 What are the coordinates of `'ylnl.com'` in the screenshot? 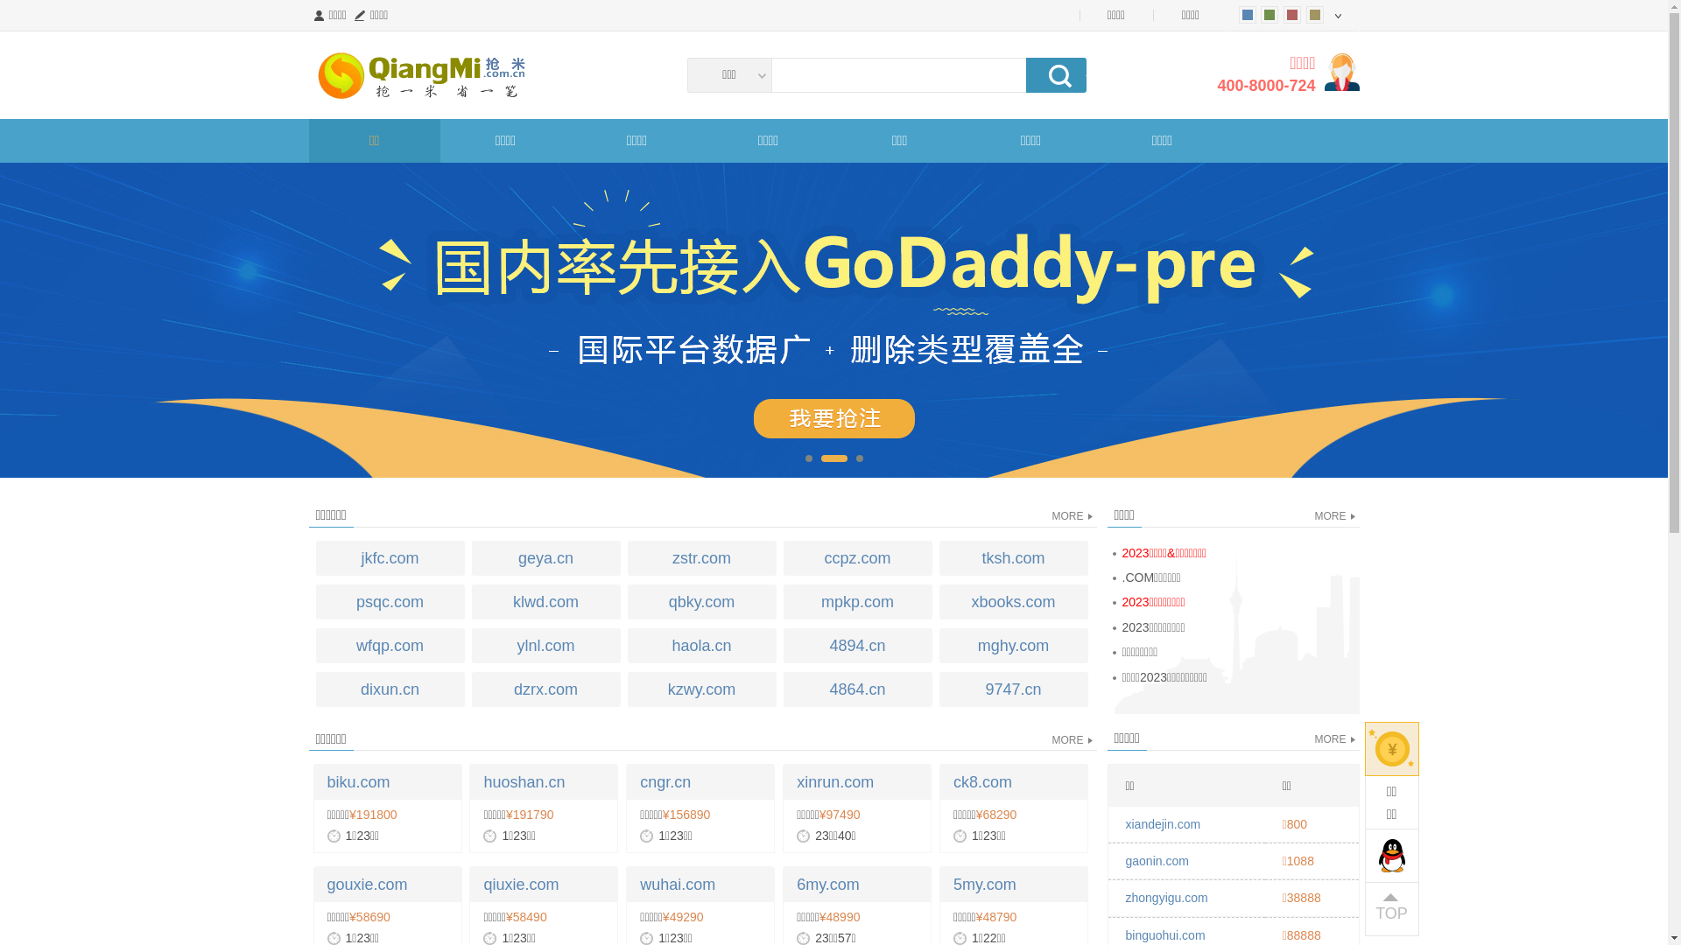 It's located at (470, 645).